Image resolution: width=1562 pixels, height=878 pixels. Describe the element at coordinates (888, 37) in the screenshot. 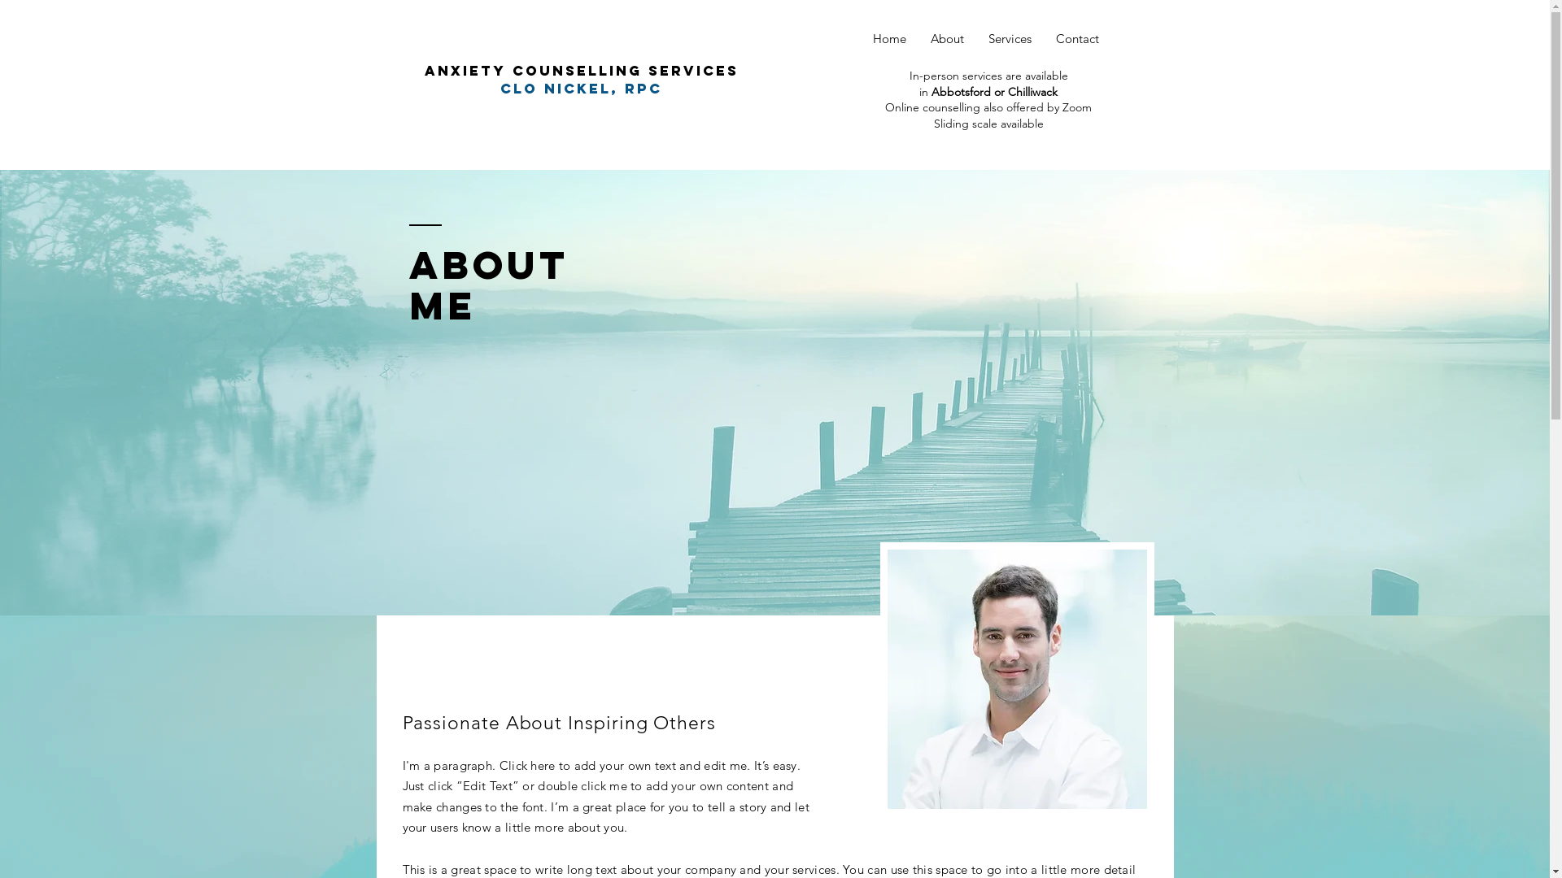

I see `'Home'` at that location.